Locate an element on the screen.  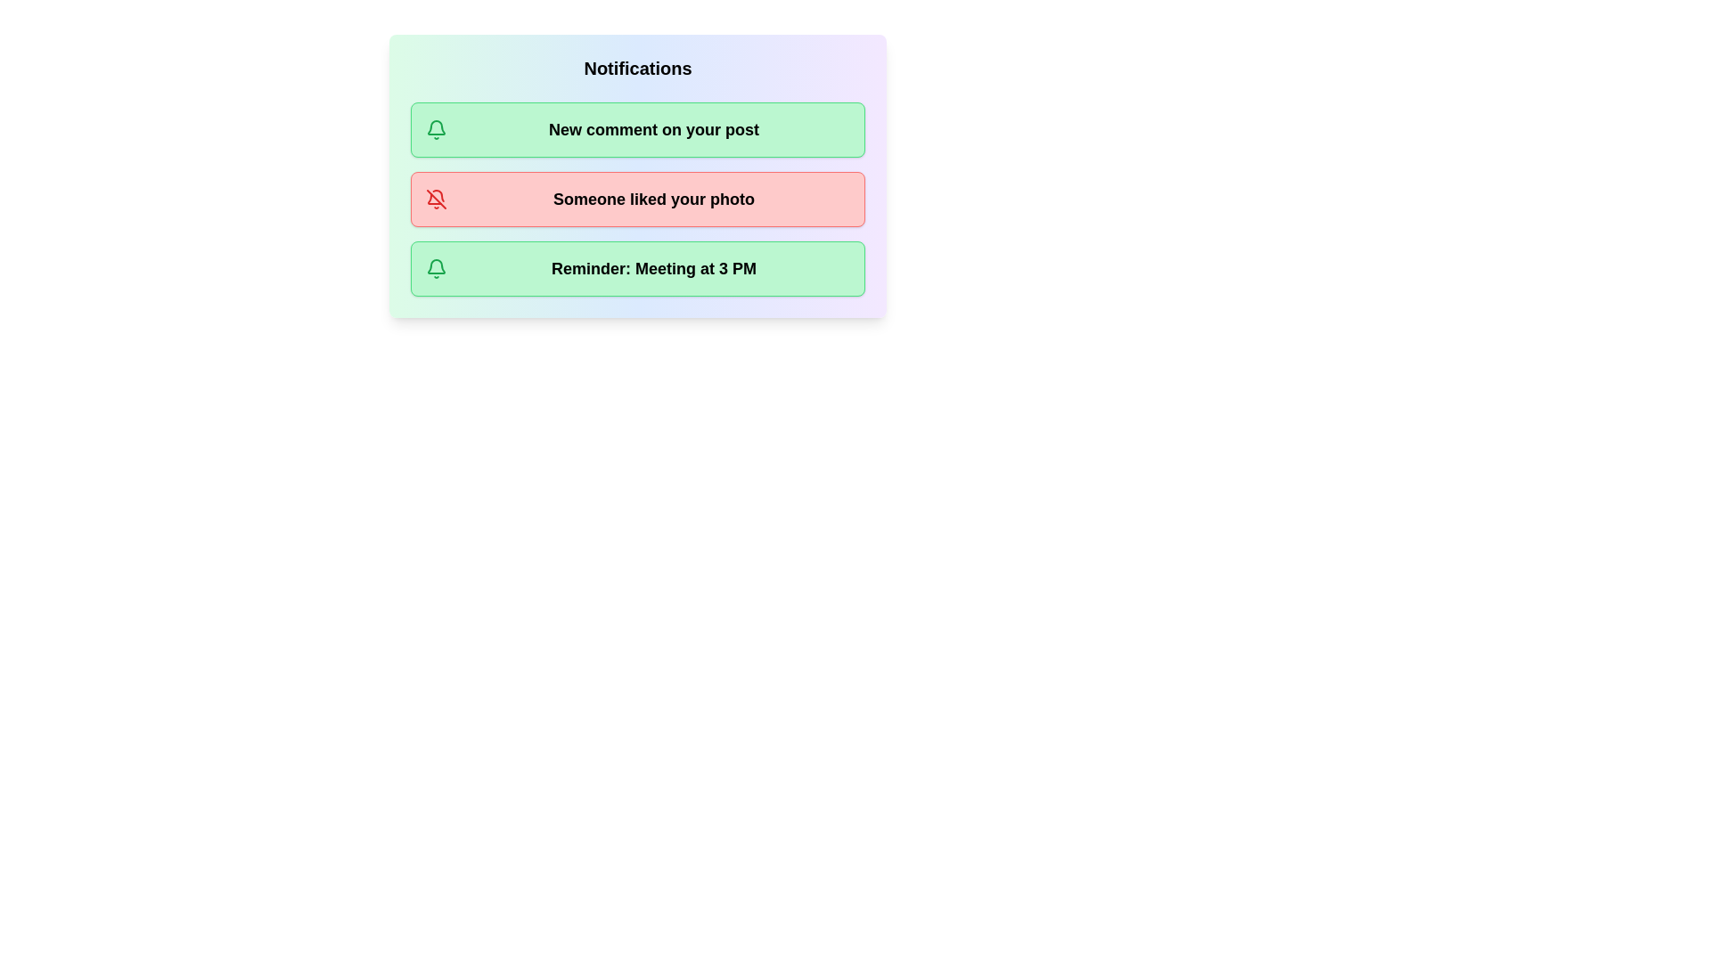
the notification chip corresponding to Reminder: Meeting at 3 PM is located at coordinates (637, 268).